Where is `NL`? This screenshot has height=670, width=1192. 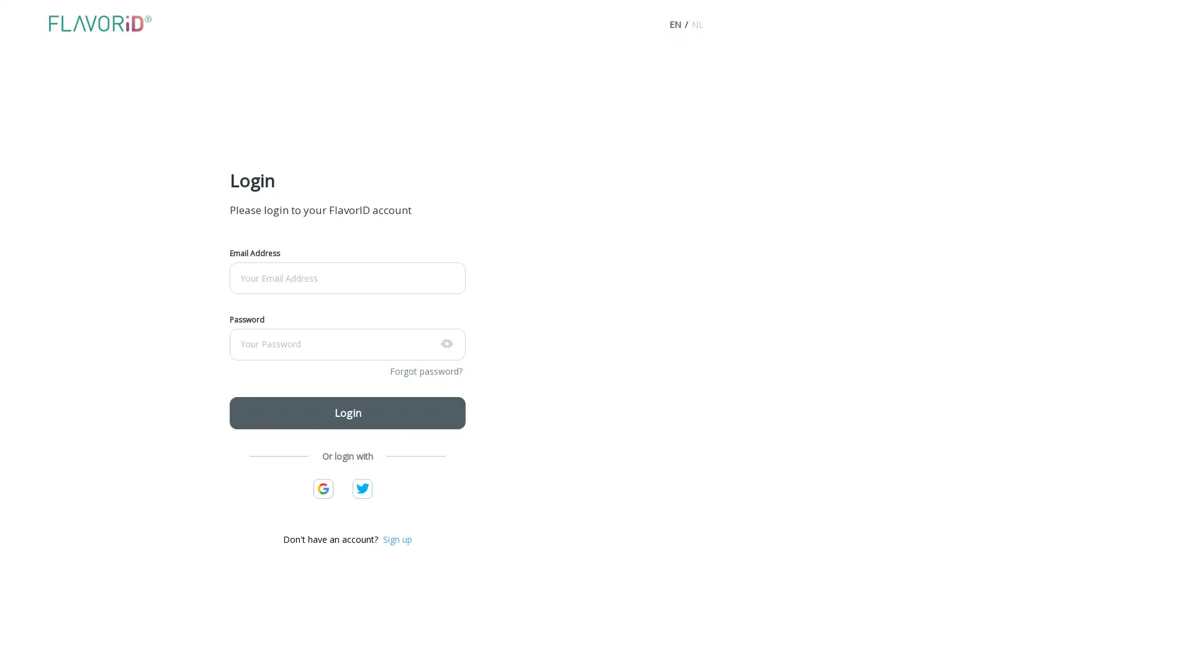
NL is located at coordinates (697, 24).